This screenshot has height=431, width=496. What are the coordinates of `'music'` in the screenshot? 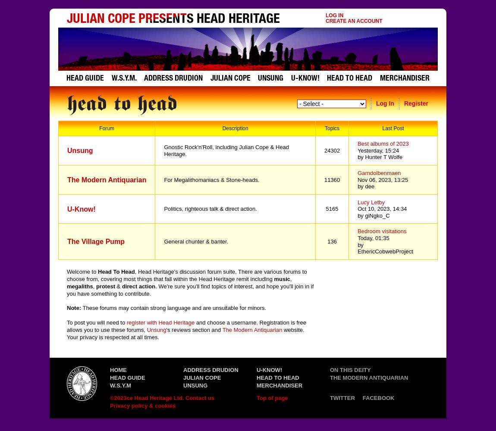 It's located at (282, 278).